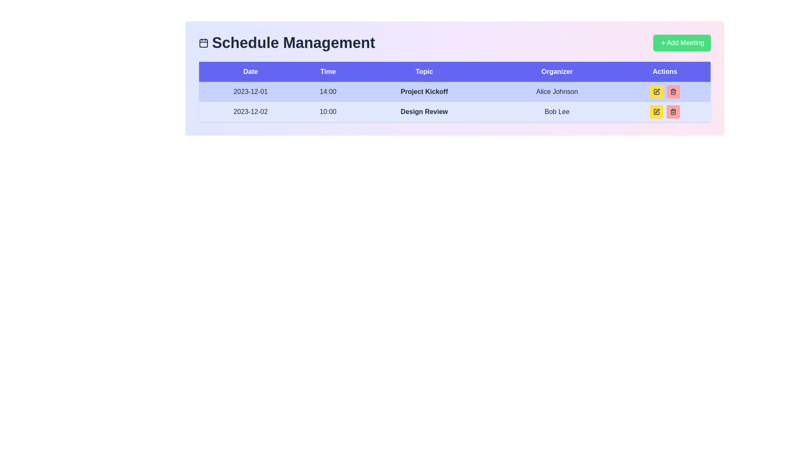  I want to click on the 'Date' column header in the table, which is the left-most label in the header row, to provide users with guidance on the content of the corresponding column, so click(250, 71).